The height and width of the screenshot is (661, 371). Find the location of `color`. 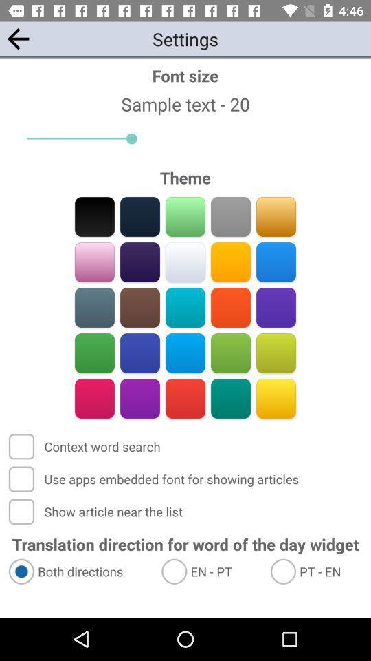

color is located at coordinates (139, 398).